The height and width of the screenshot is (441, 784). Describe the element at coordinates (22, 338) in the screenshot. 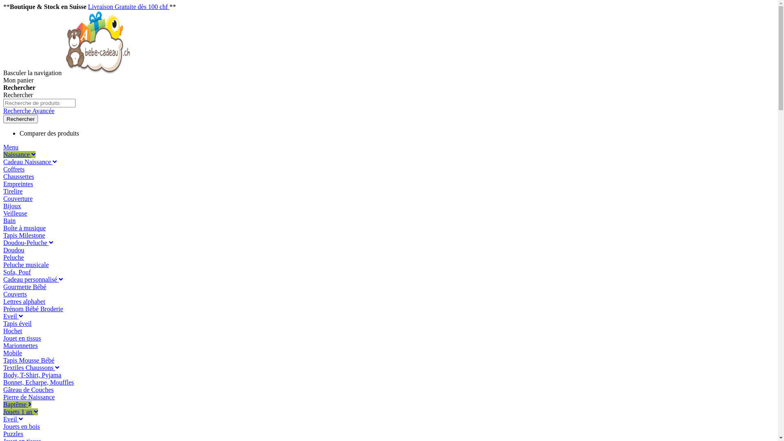

I see `'Jouet en tissus'` at that location.